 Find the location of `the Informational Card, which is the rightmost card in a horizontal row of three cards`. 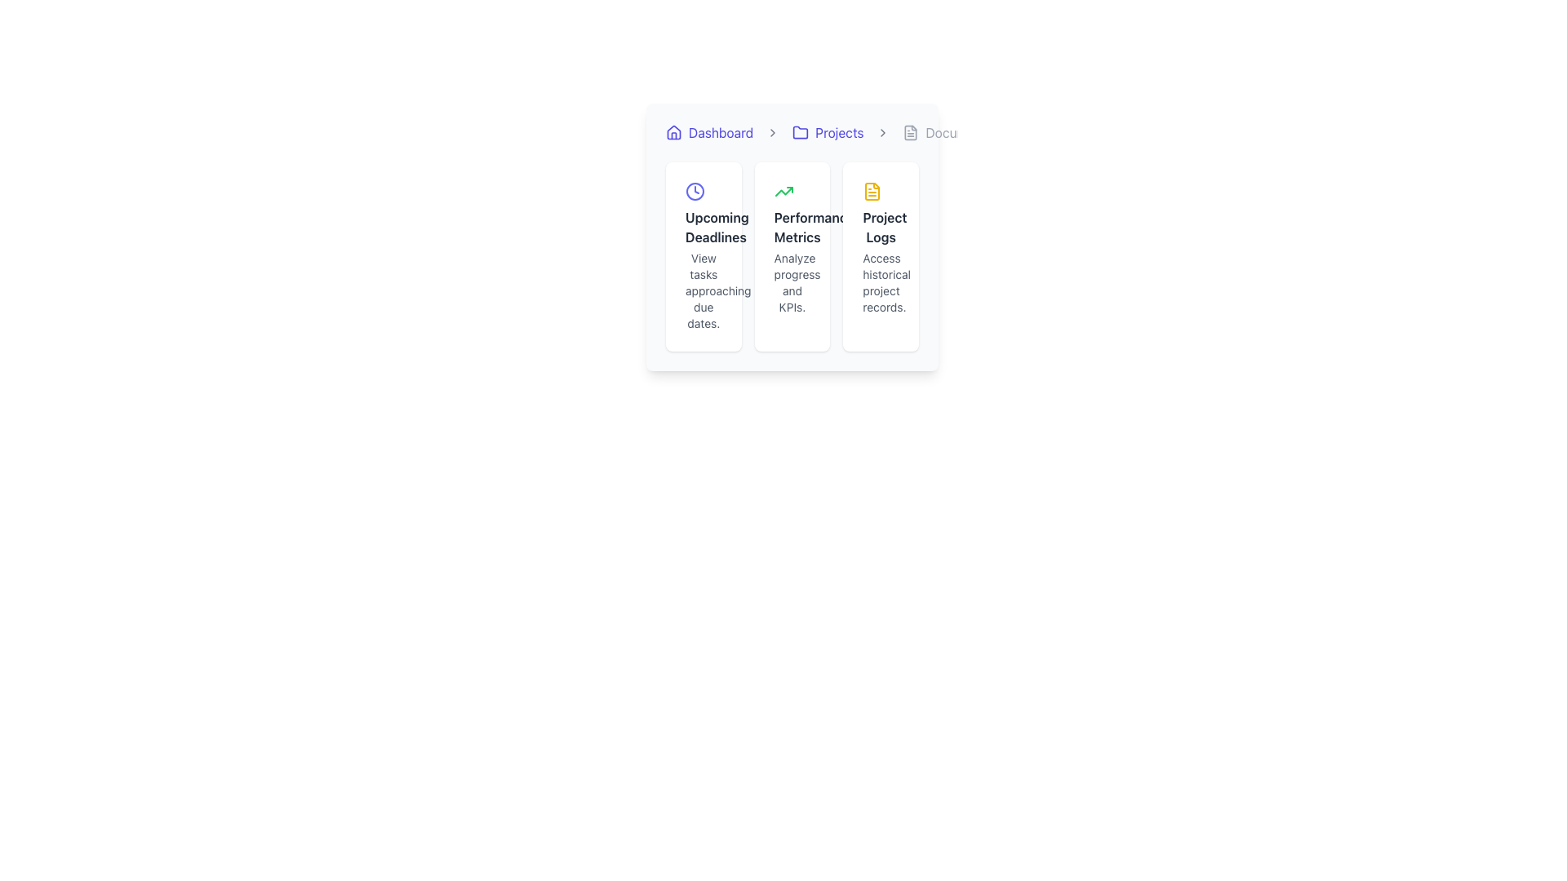

the Informational Card, which is the rightmost card in a horizontal row of three cards is located at coordinates (880, 257).